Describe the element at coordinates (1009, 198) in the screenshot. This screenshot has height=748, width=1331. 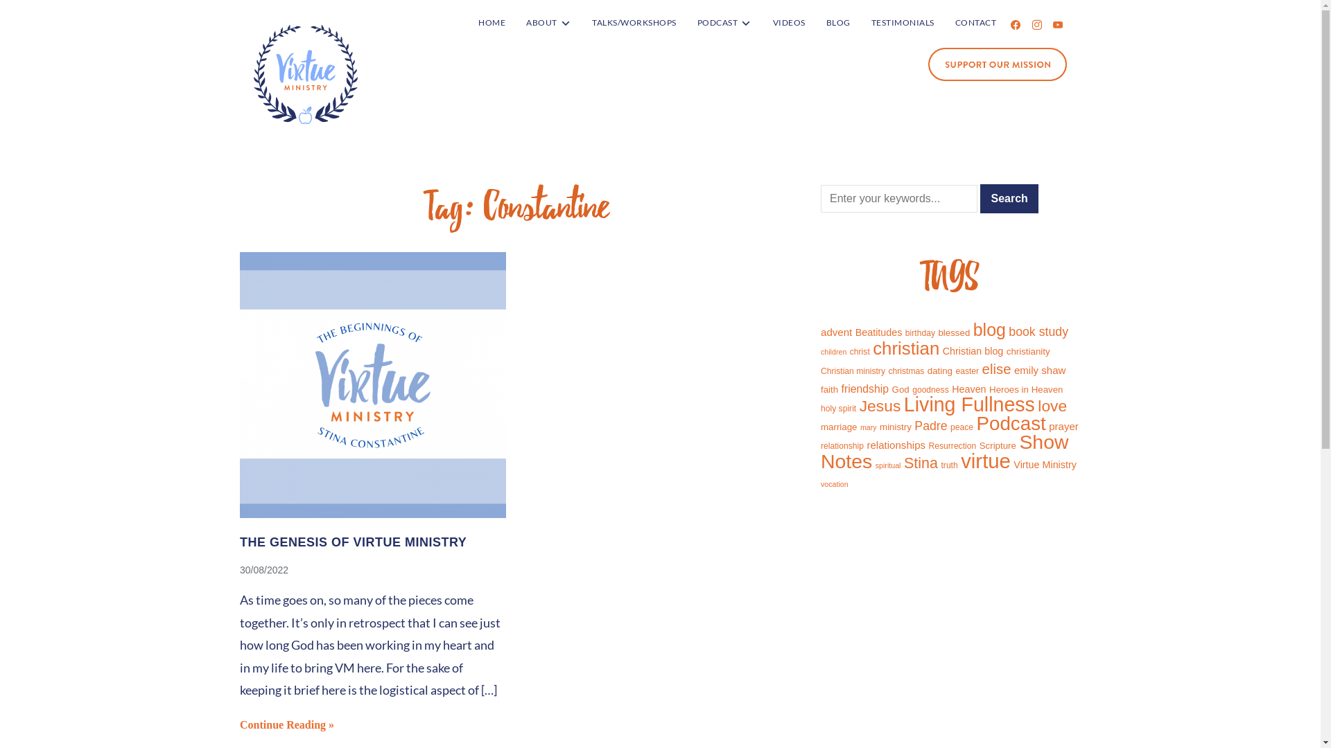
I see `'Search'` at that location.